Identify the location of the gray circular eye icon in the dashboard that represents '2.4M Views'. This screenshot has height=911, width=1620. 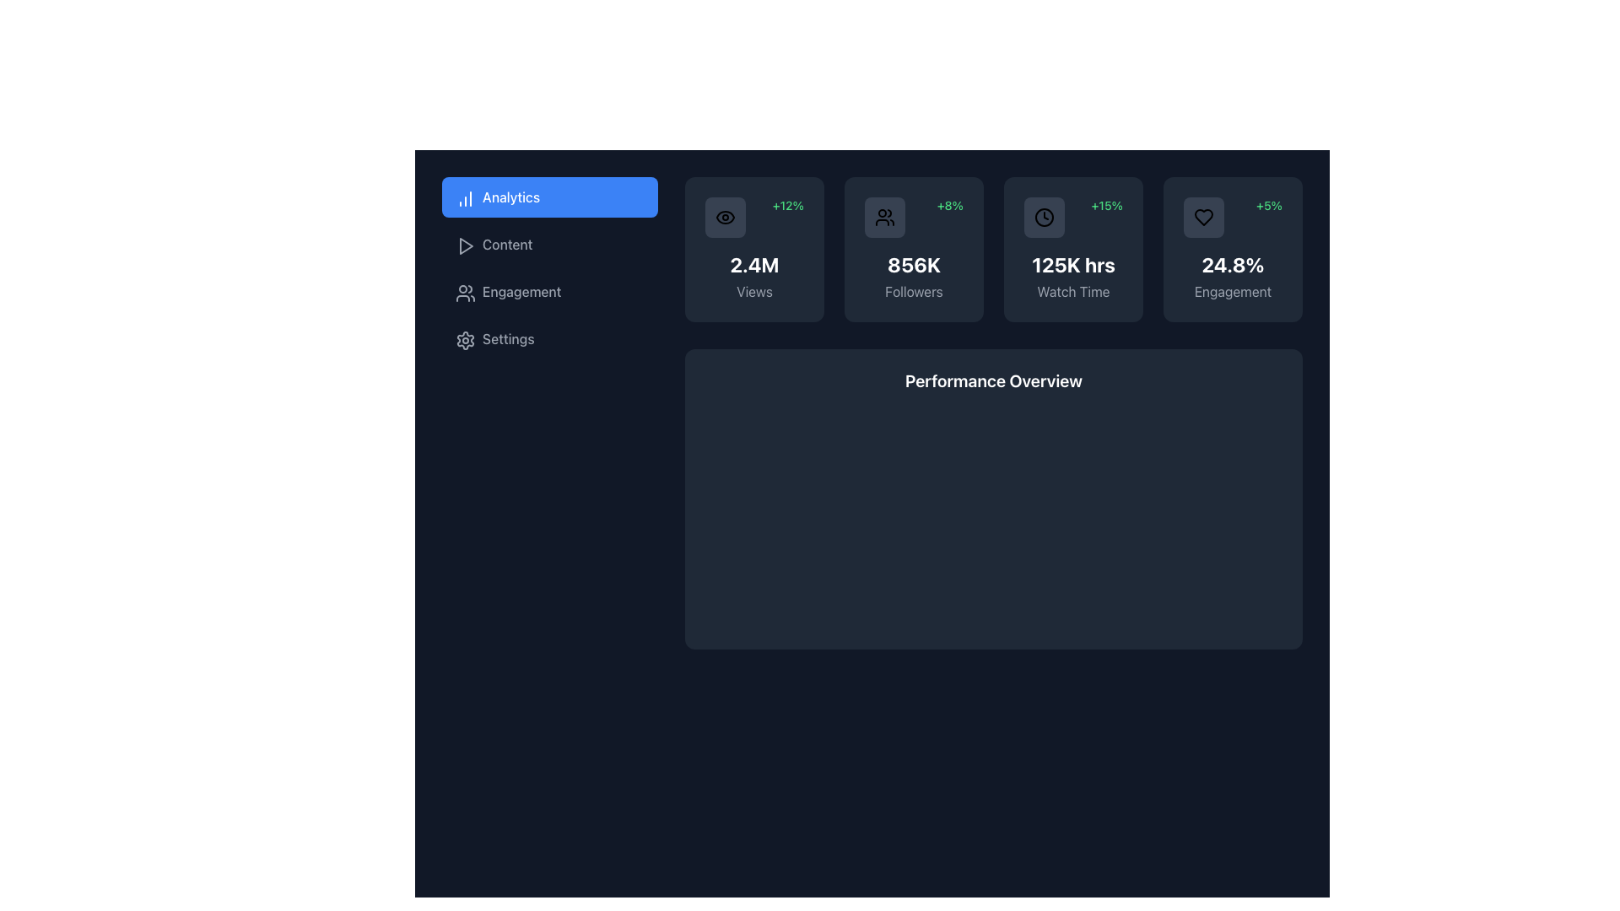
(725, 217).